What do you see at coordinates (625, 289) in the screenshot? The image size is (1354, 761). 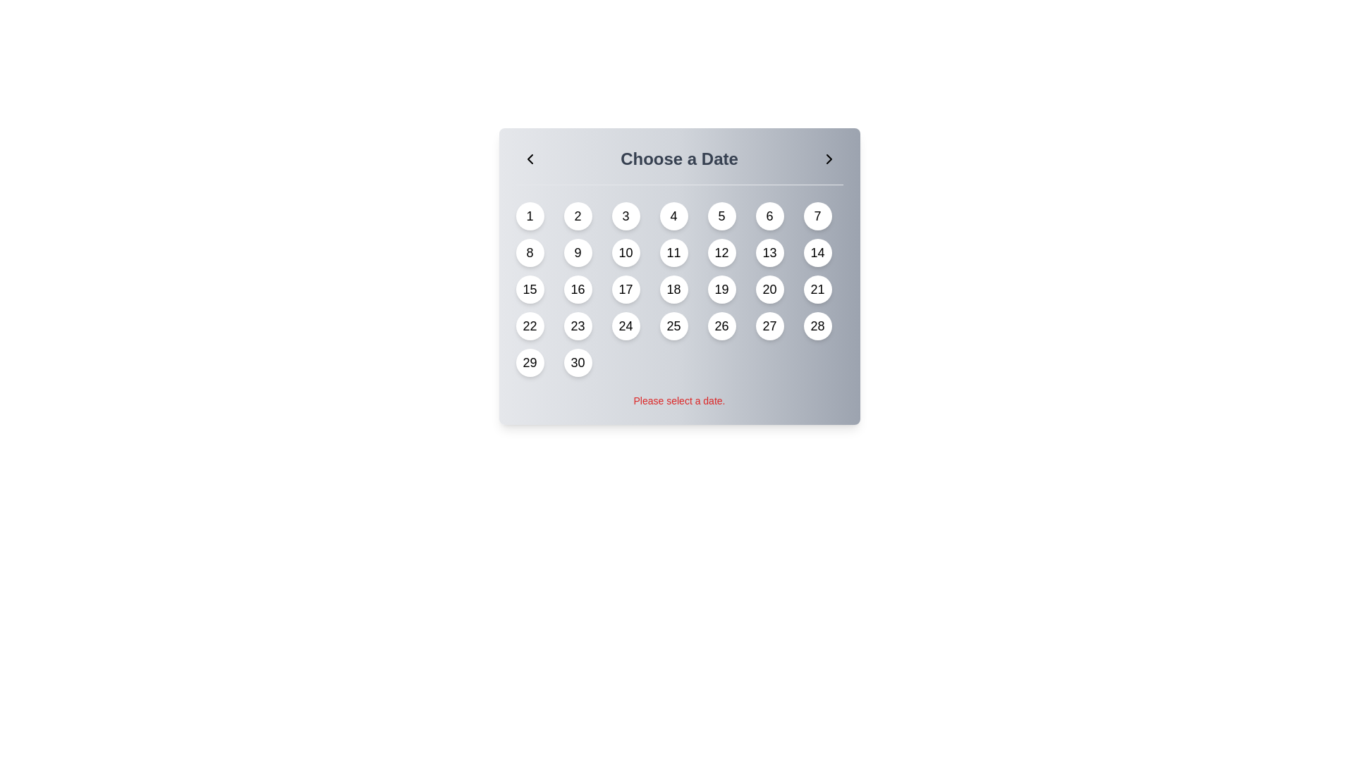 I see `the circular button labeled '17' with a white background` at bounding box center [625, 289].